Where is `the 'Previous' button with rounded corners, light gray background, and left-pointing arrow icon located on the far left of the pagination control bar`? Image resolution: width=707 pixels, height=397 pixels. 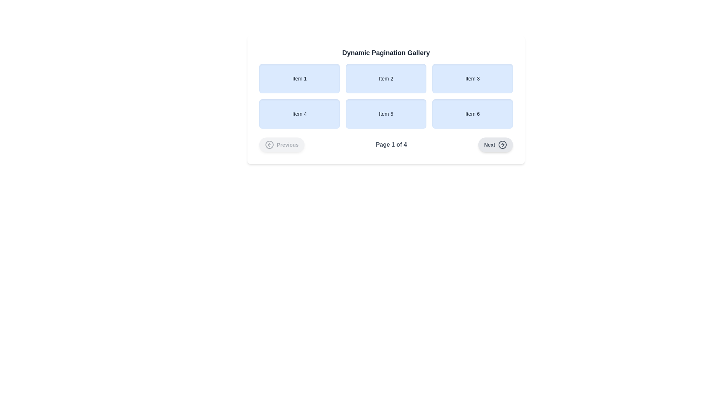 the 'Previous' button with rounded corners, light gray background, and left-pointing arrow icon located on the far left of the pagination control bar is located at coordinates (281, 144).